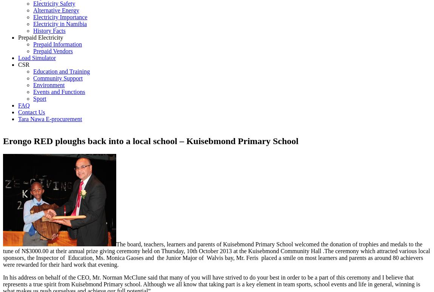 This screenshot has width=434, height=292. I want to click on 'Events and Functions', so click(58, 92).